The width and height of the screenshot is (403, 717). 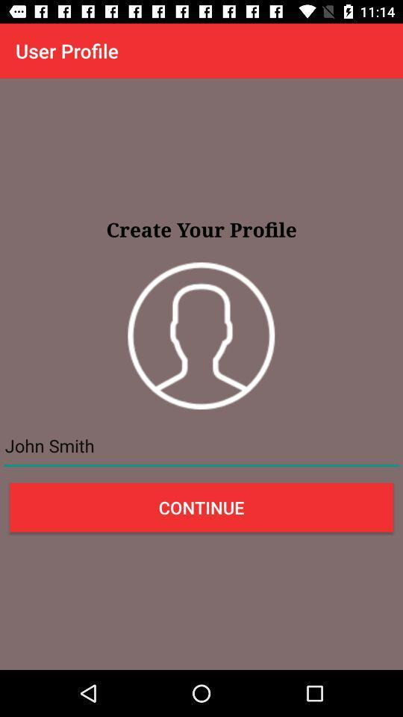 I want to click on the item below the john smith, so click(x=201, y=507).